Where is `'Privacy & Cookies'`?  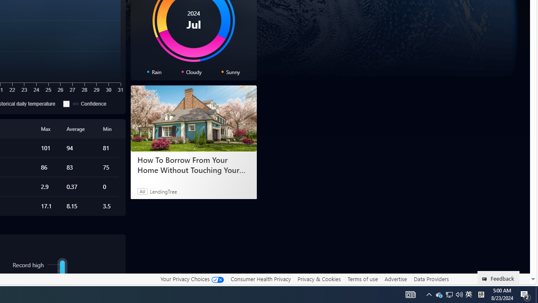 'Privacy & Cookies' is located at coordinates (319, 279).